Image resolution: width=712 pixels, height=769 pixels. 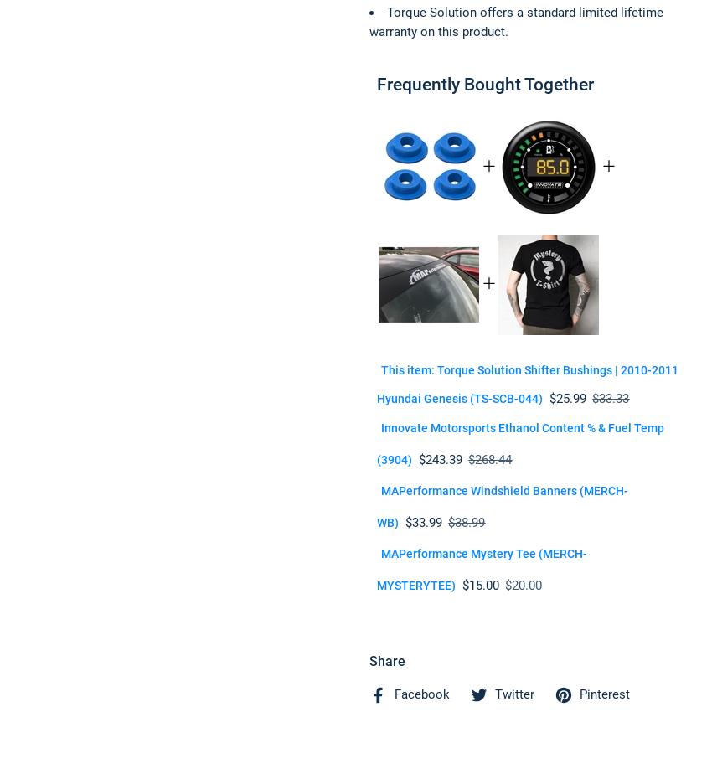 I want to click on '$20.00', so click(x=503, y=583).